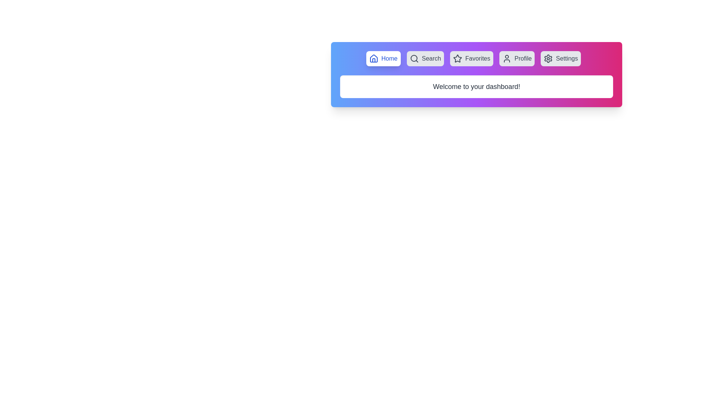  Describe the element at coordinates (522, 58) in the screenshot. I see `the 'Profile' text label located in the navigation bar, which is the fourth item, positioned between 'Favorites' and 'Settings'` at that location.